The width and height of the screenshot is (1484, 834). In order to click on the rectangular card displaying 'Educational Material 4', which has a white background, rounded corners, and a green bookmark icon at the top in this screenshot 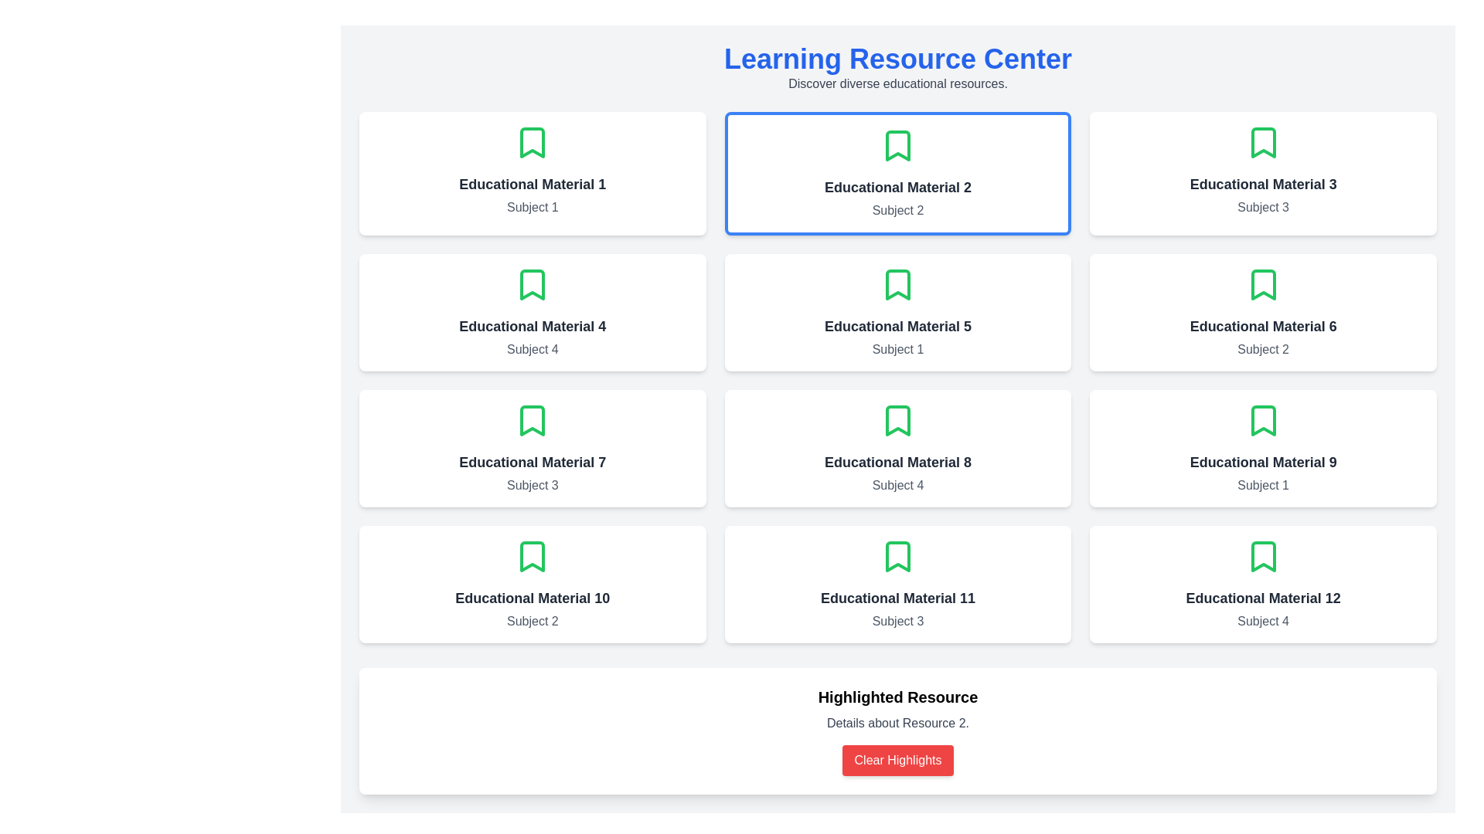, I will do `click(533, 313)`.